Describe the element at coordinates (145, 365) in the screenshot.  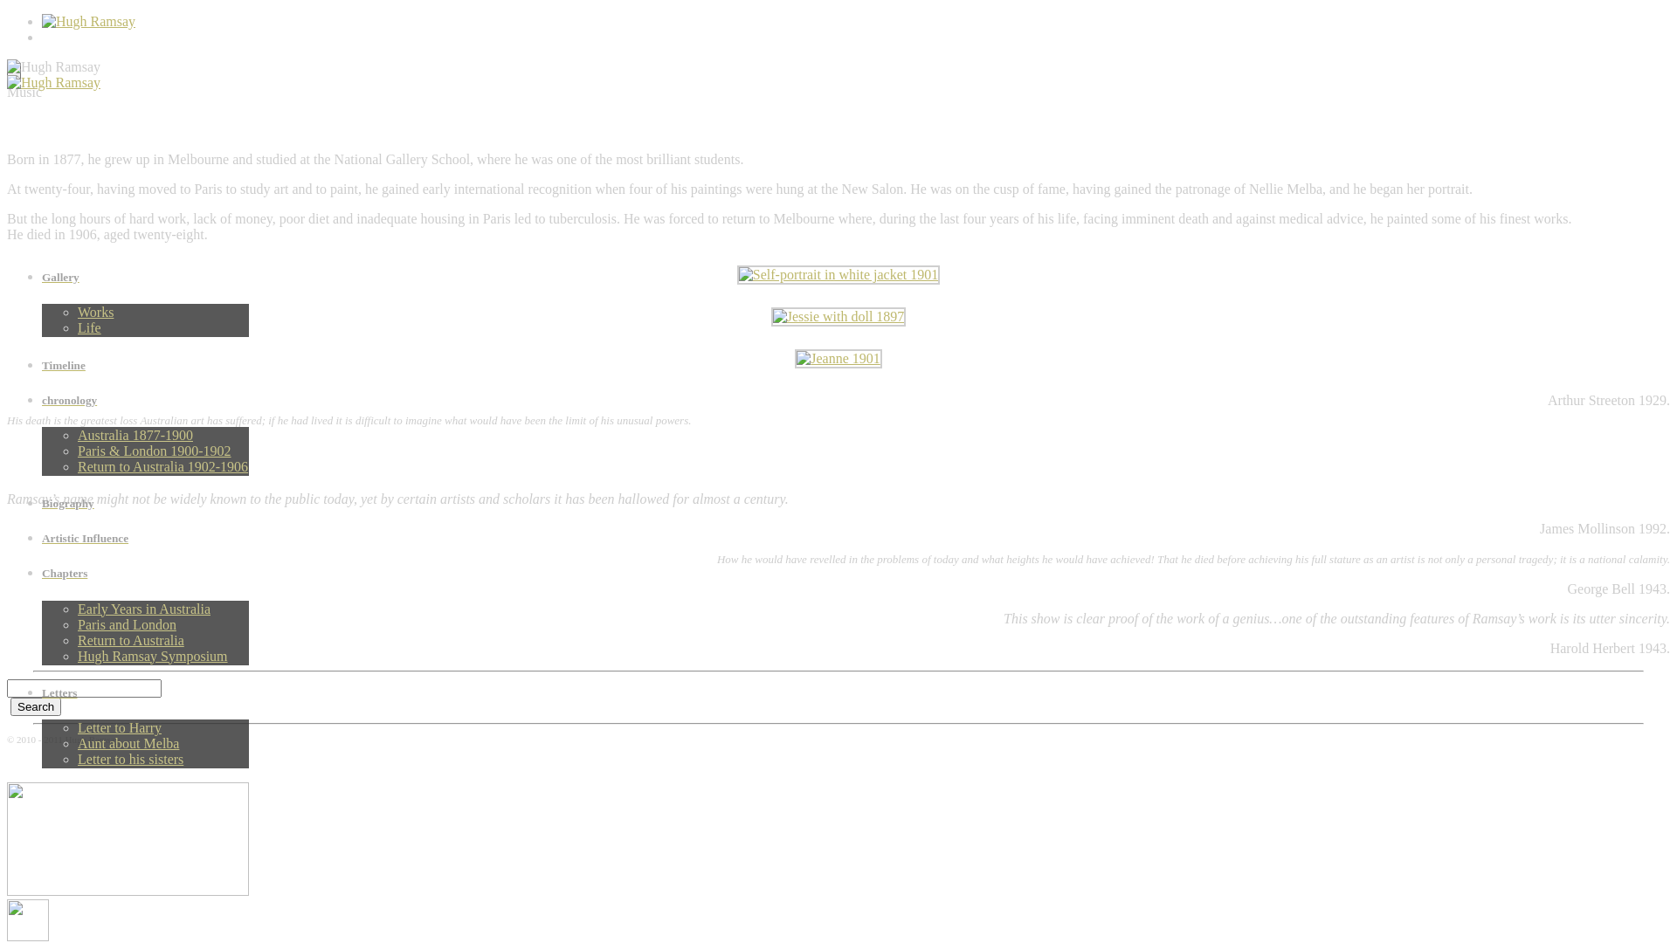
I see `'Timeline'` at that location.